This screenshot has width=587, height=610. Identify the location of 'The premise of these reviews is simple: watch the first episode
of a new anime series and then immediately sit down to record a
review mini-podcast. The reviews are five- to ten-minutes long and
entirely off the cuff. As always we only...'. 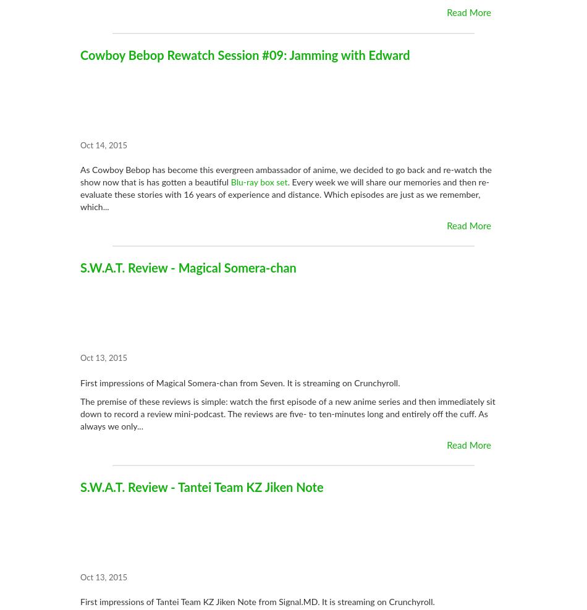
(287, 413).